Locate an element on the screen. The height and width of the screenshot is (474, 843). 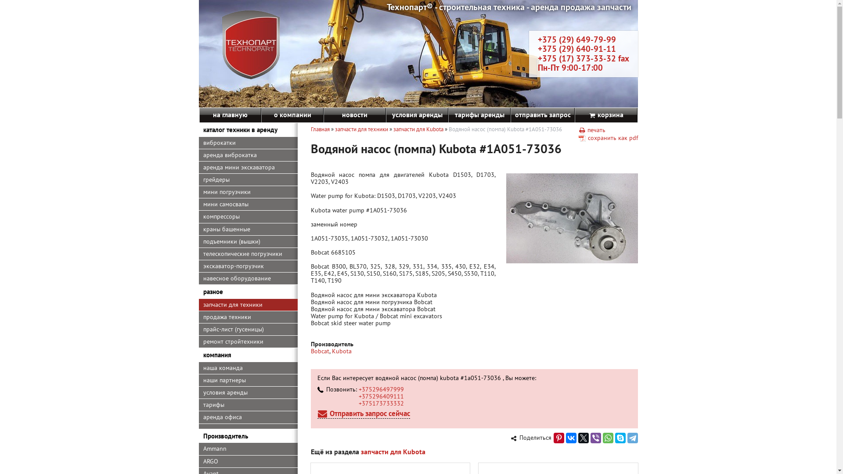
'Pinterest' is located at coordinates (558, 438).